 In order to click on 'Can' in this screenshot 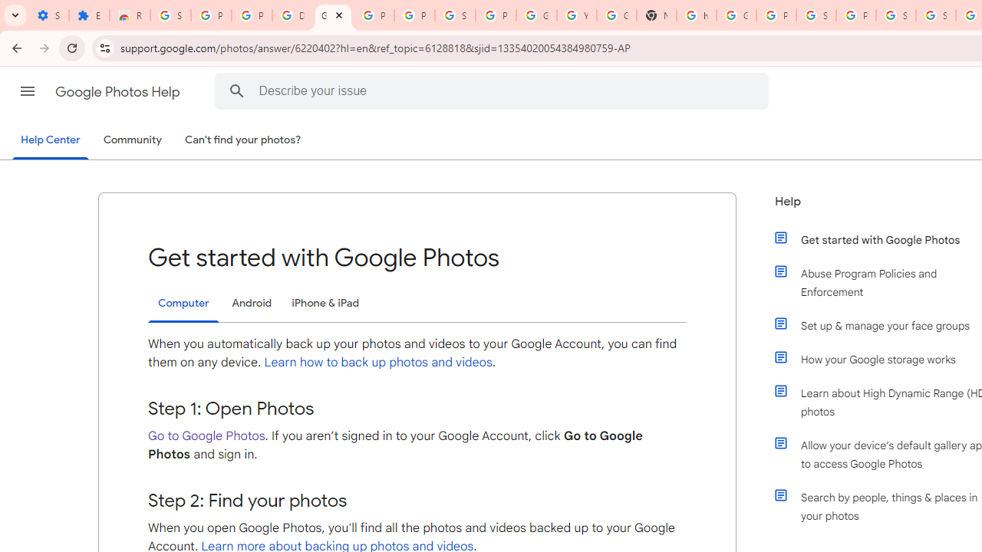, I will do `click(242, 140)`.